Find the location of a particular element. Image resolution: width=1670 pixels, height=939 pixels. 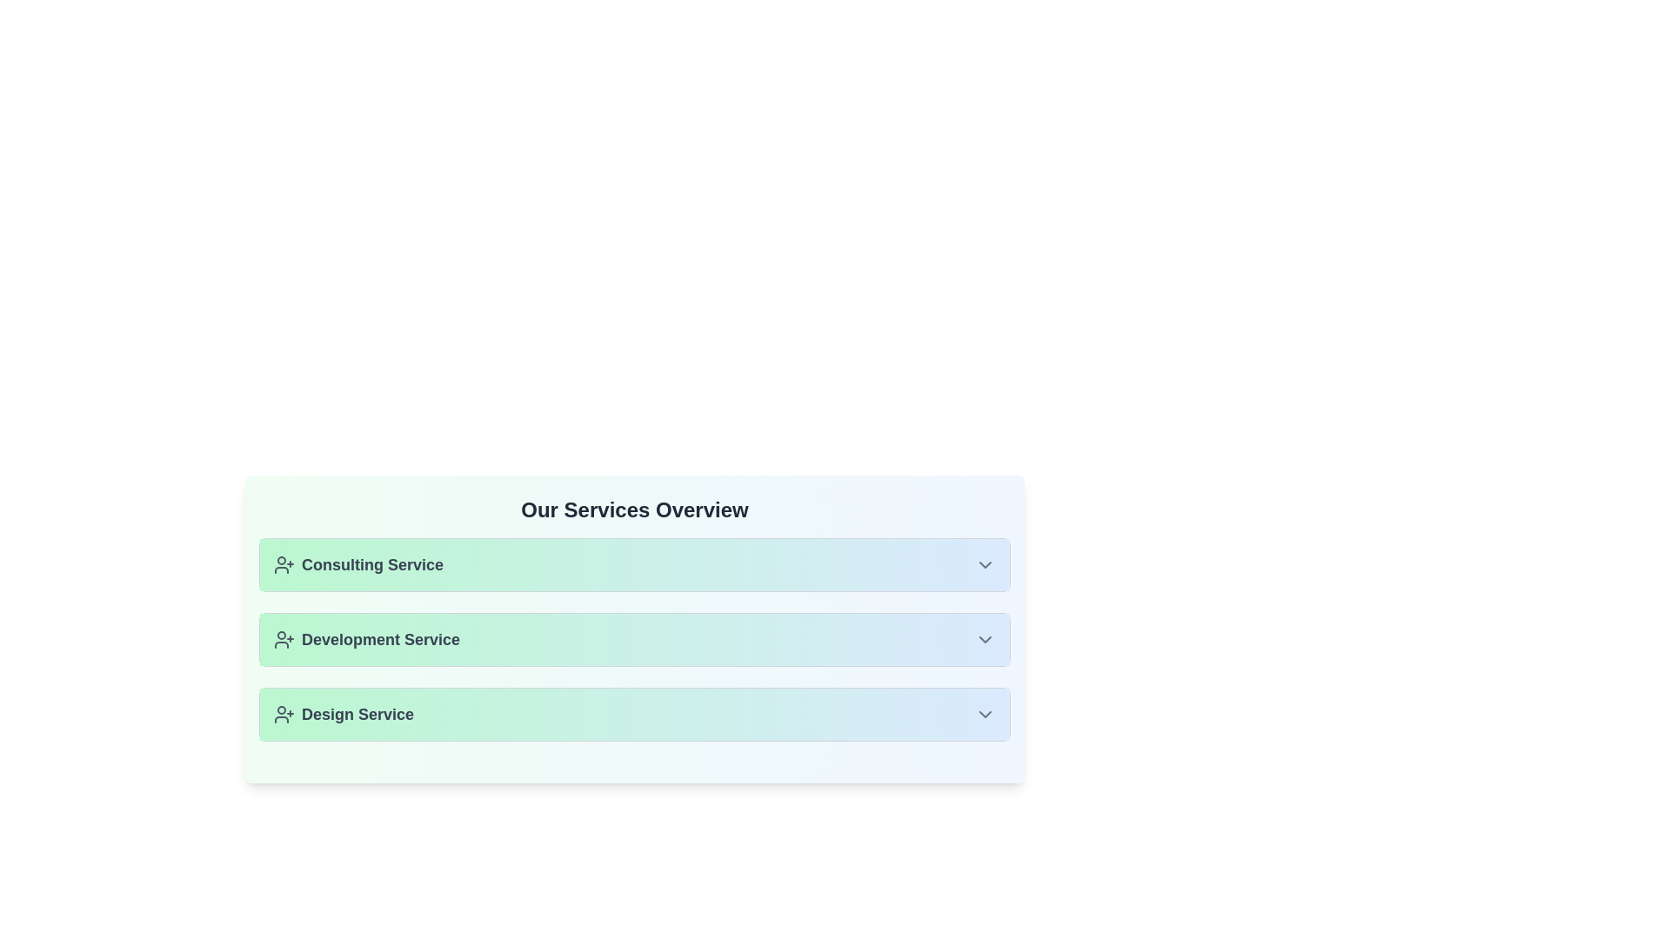

the user profile icon with a plus sign, located to the left of the 'Development Service' text in the second item of the list under 'Our Services Overview' is located at coordinates (284, 640).